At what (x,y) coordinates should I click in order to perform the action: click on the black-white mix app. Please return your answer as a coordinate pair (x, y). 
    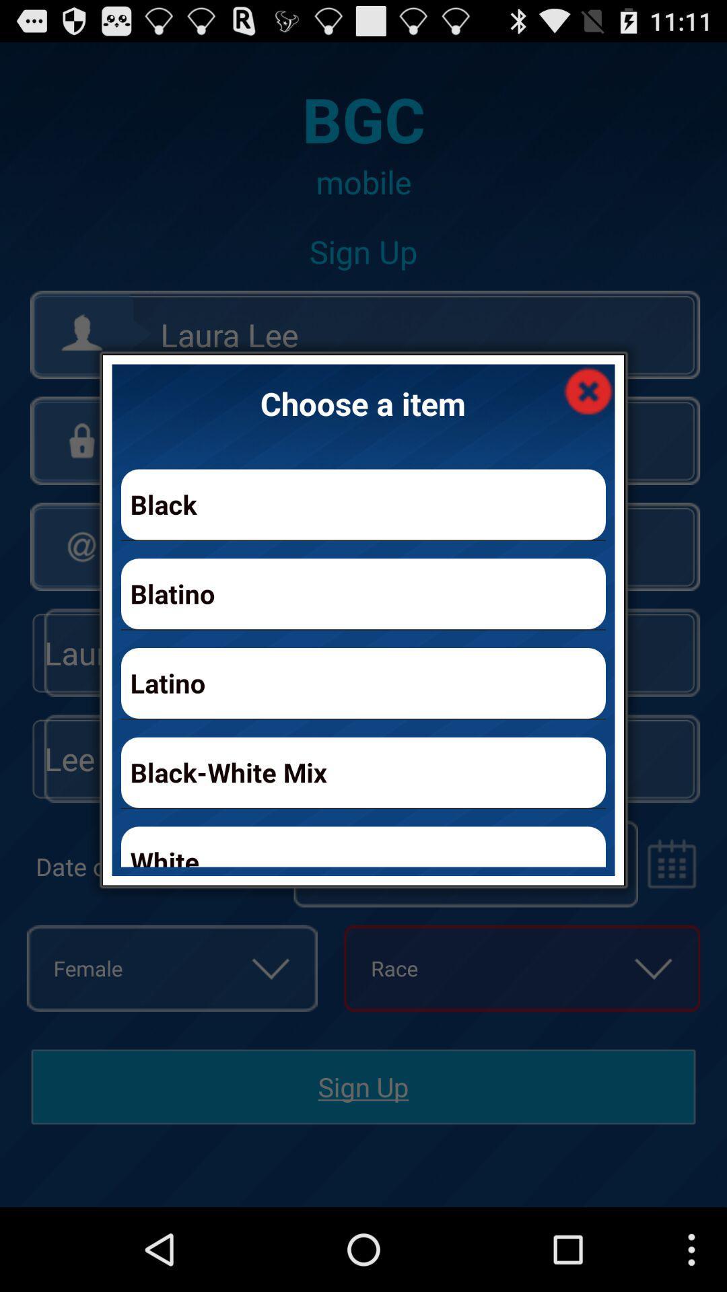
    Looking at the image, I should click on (363, 773).